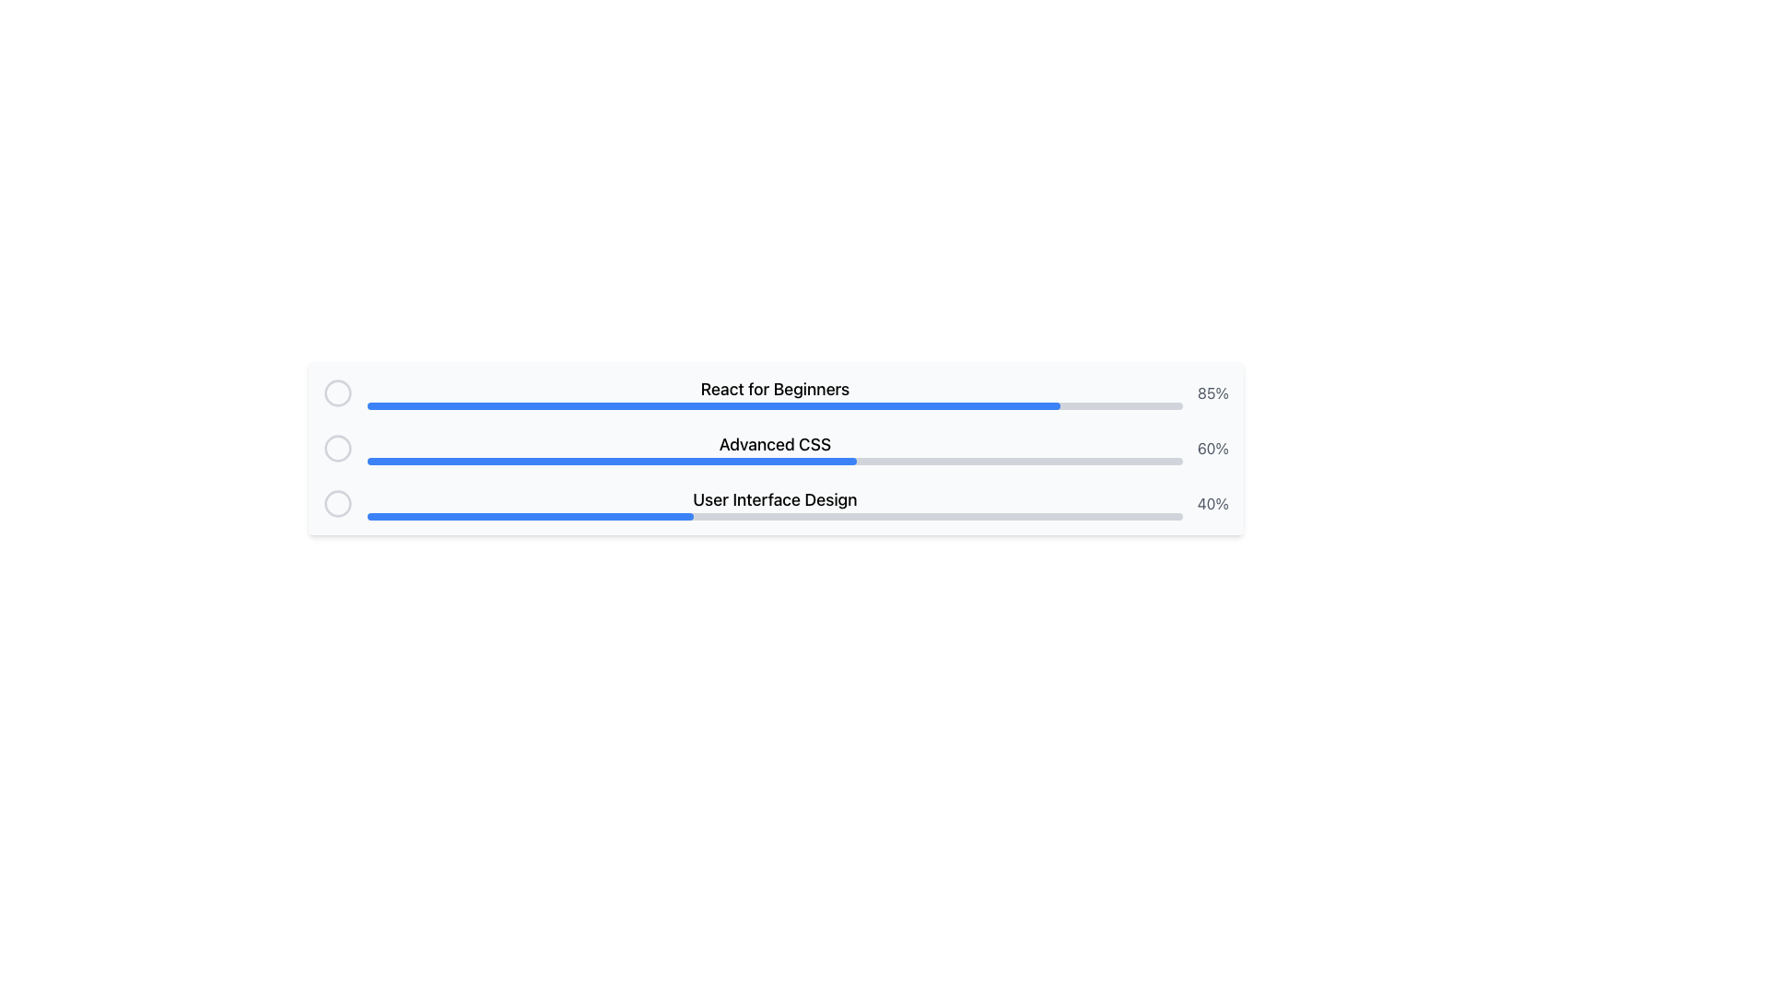 This screenshot has height=995, width=1769. I want to click on the text label that displays 'React for Beginners', which is styled in a large, bold font and positioned above a progress bar in the vertical list, so click(775, 389).